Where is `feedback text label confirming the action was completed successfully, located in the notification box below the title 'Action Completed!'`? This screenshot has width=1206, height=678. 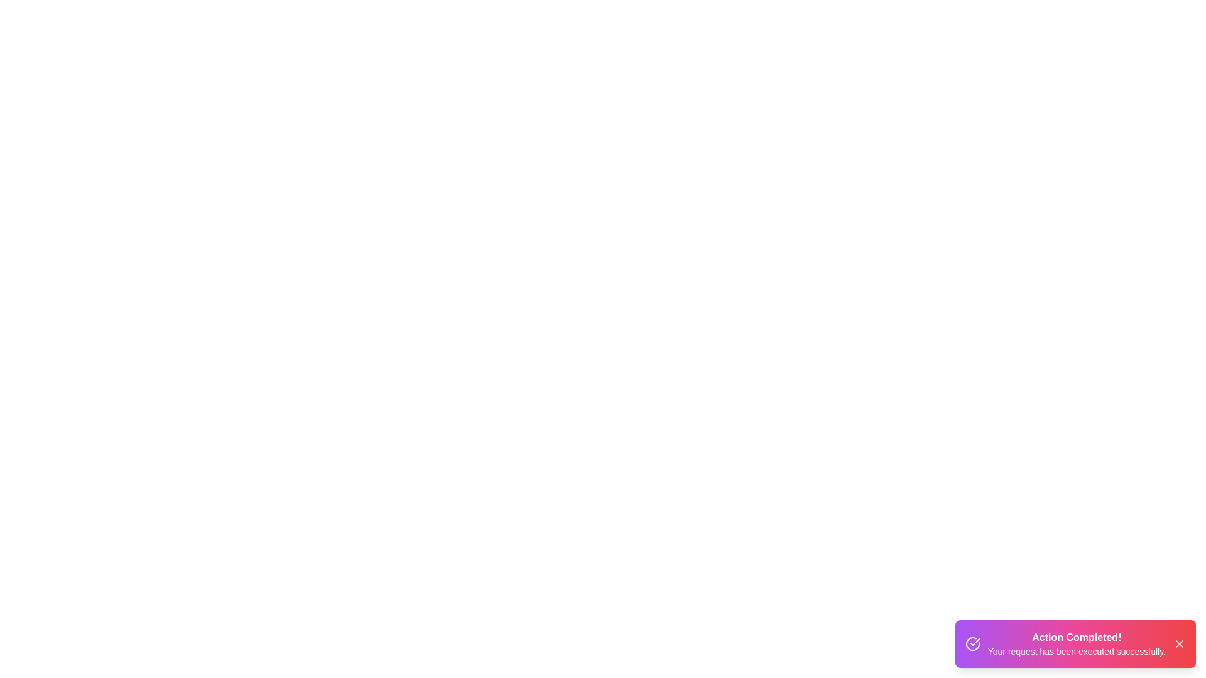
feedback text label confirming the action was completed successfully, located in the notification box below the title 'Action Completed!' is located at coordinates (1076, 650).